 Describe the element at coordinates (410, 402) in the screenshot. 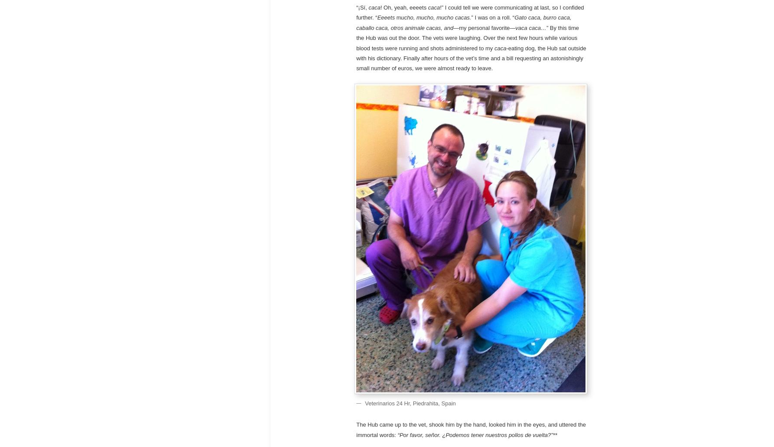

I see `'Veterinarios 24 Hr, Piedrahita, Spain'` at that location.